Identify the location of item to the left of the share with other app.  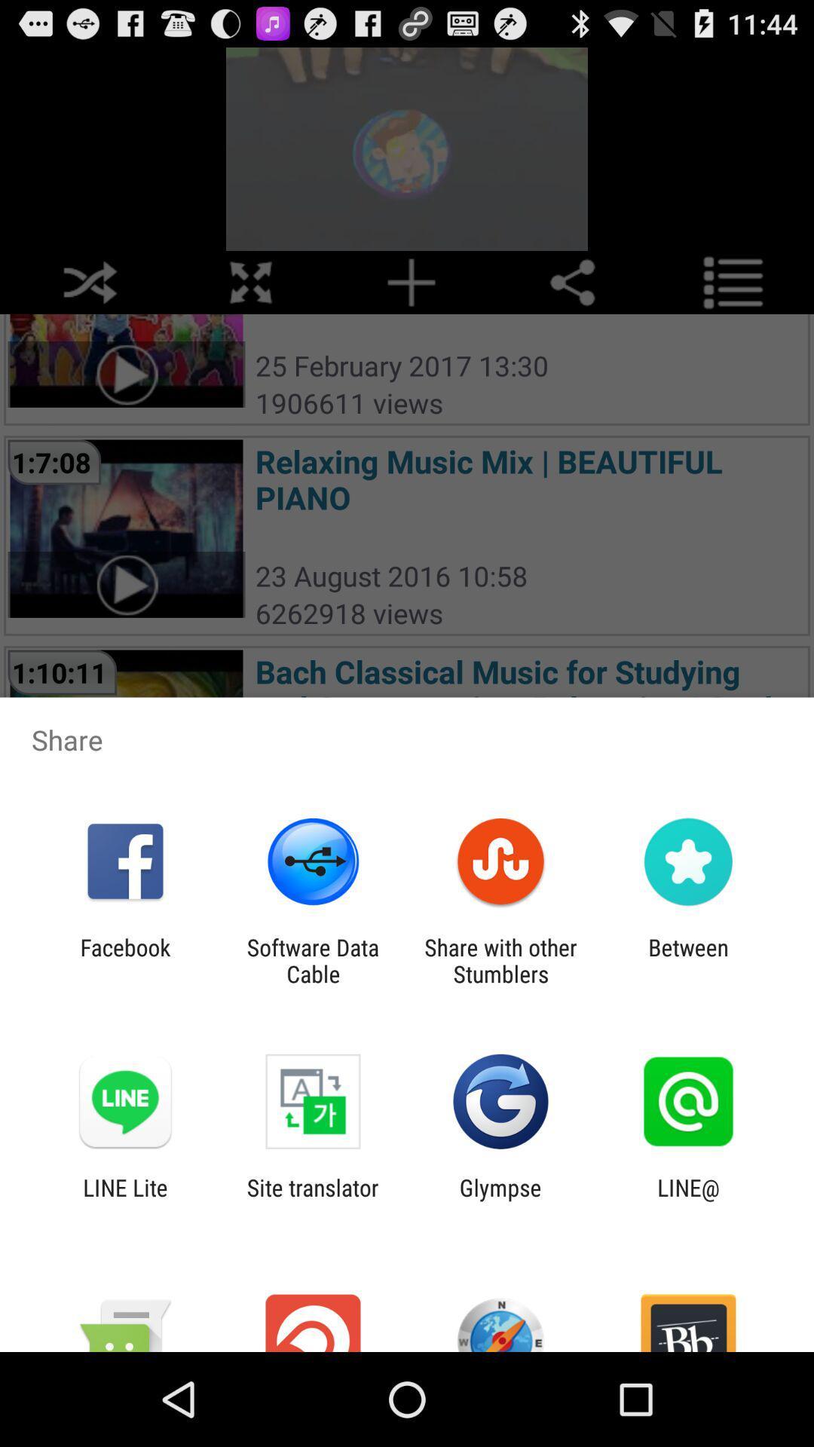
(312, 960).